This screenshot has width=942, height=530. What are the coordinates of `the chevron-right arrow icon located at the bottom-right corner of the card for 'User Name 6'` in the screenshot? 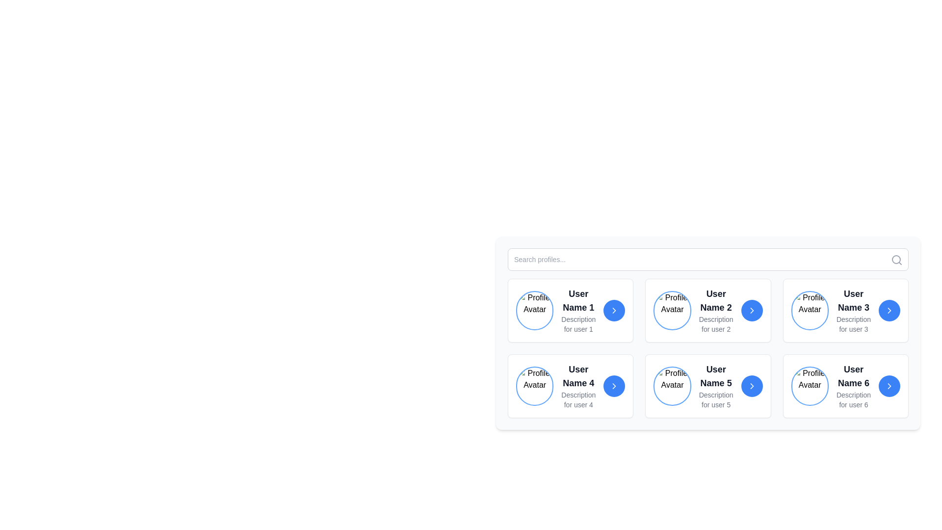 It's located at (890, 385).